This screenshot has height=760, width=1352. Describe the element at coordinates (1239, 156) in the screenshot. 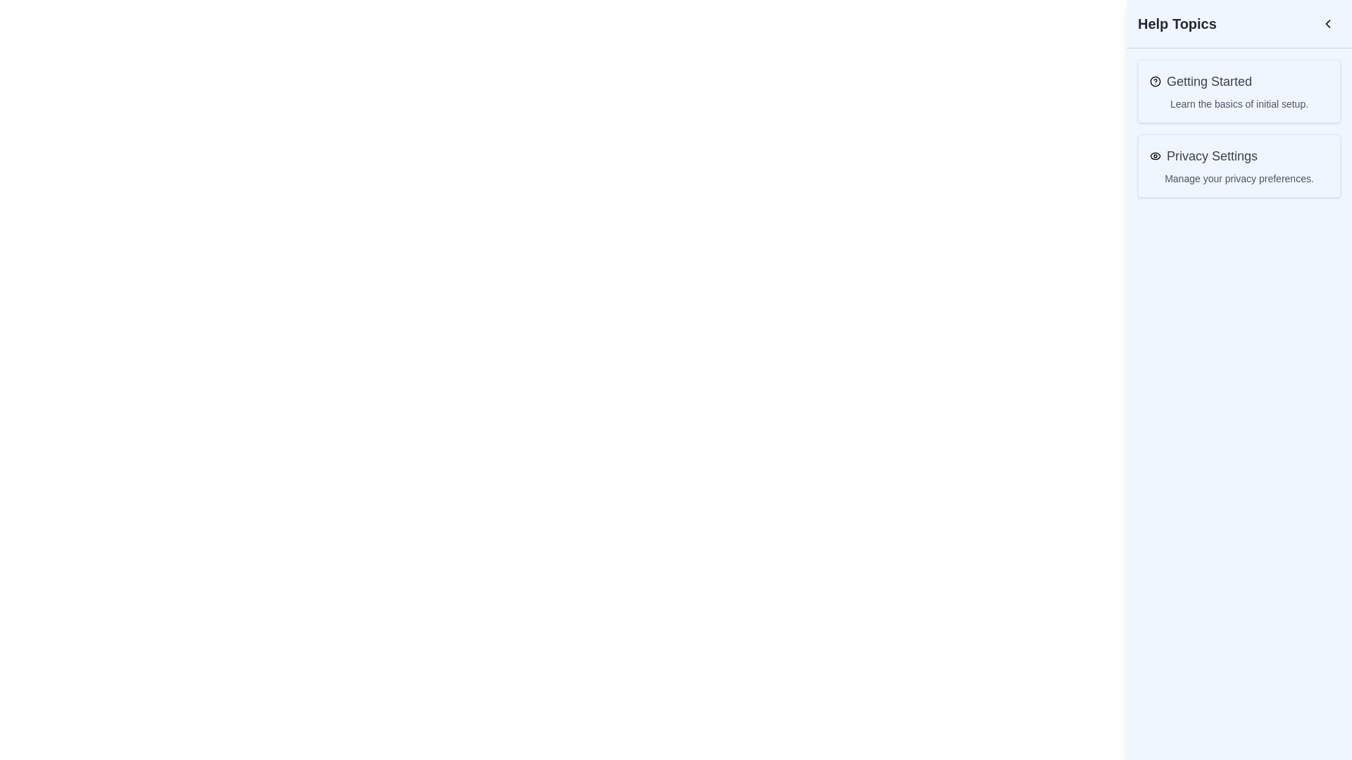

I see `the heading element titled 'Privacy Settings Manage your privacy preferences' which is located on the right side under the 'Help Topics' section` at that location.